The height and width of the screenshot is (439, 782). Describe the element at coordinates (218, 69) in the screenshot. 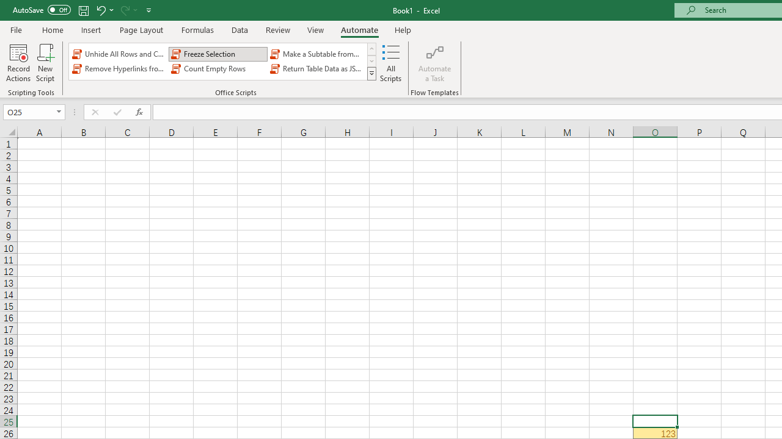

I see `'Count Empty Rows'` at that location.